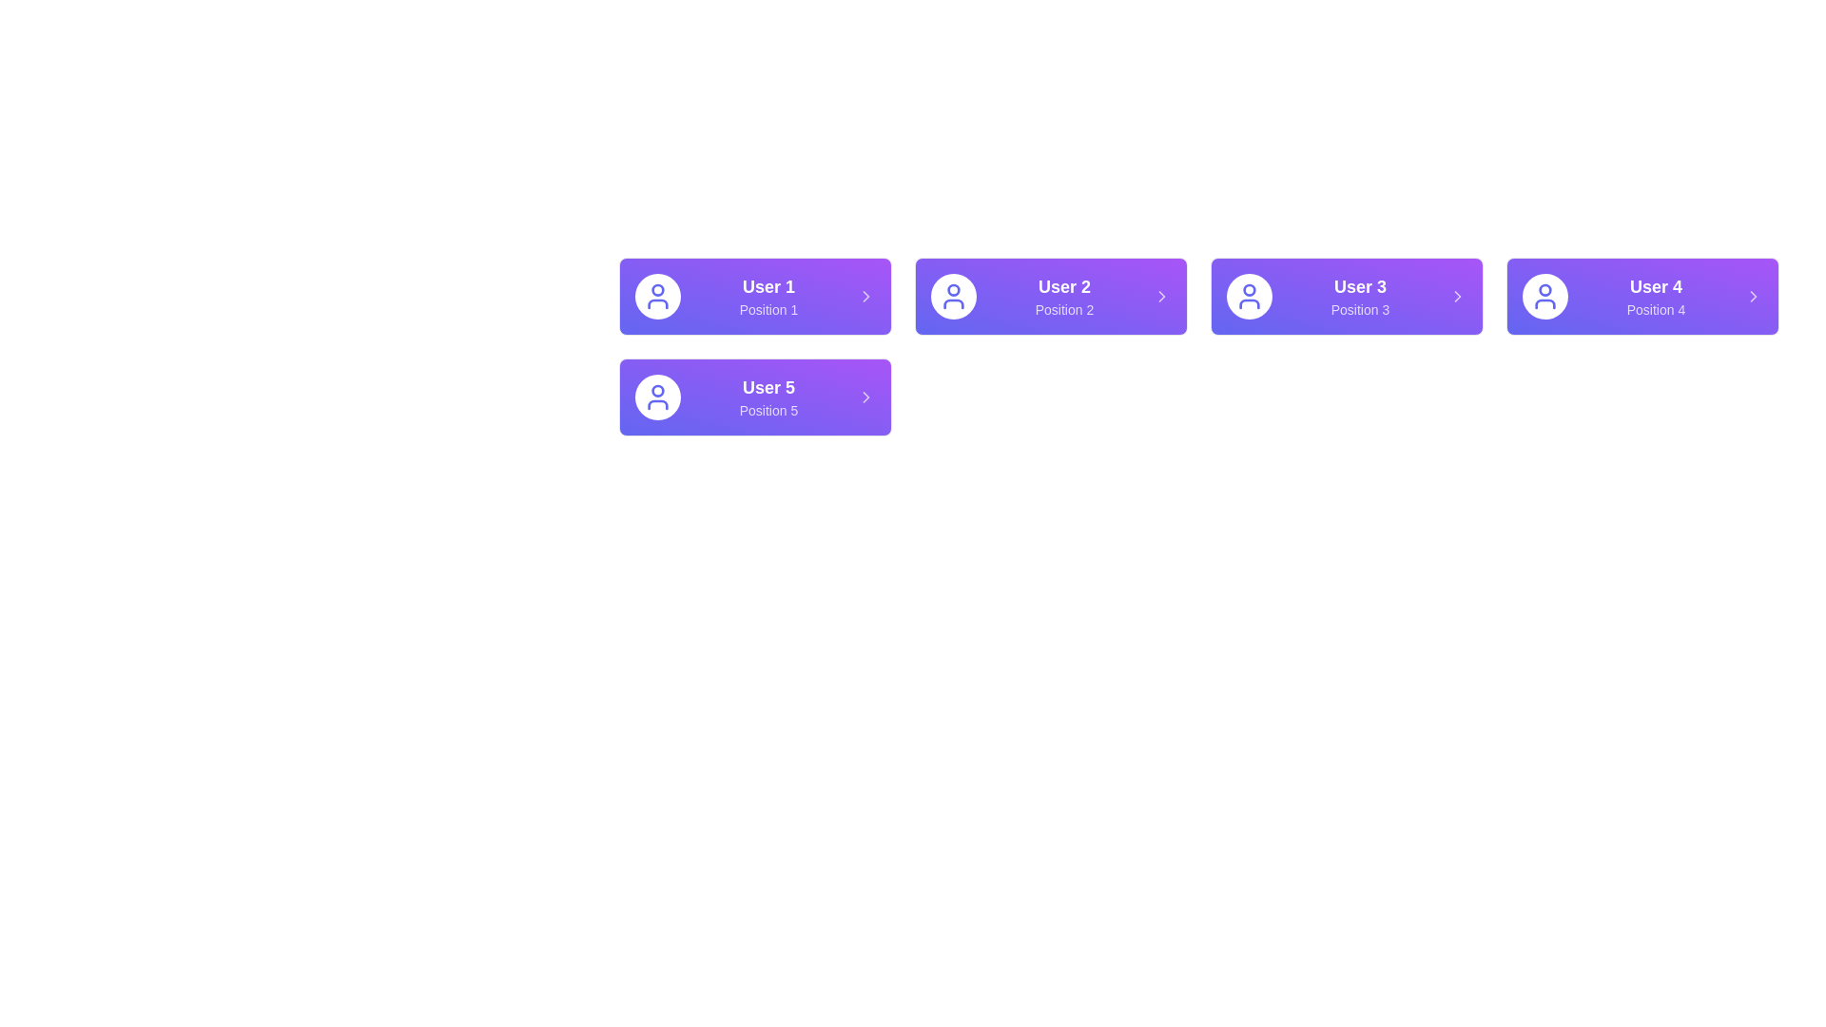 This screenshot has width=1826, height=1027. Describe the element at coordinates (954, 289) in the screenshot. I see `the innermost circle of the user icon in the 'User 2, Position 2' box, which represents an individual or user` at that location.